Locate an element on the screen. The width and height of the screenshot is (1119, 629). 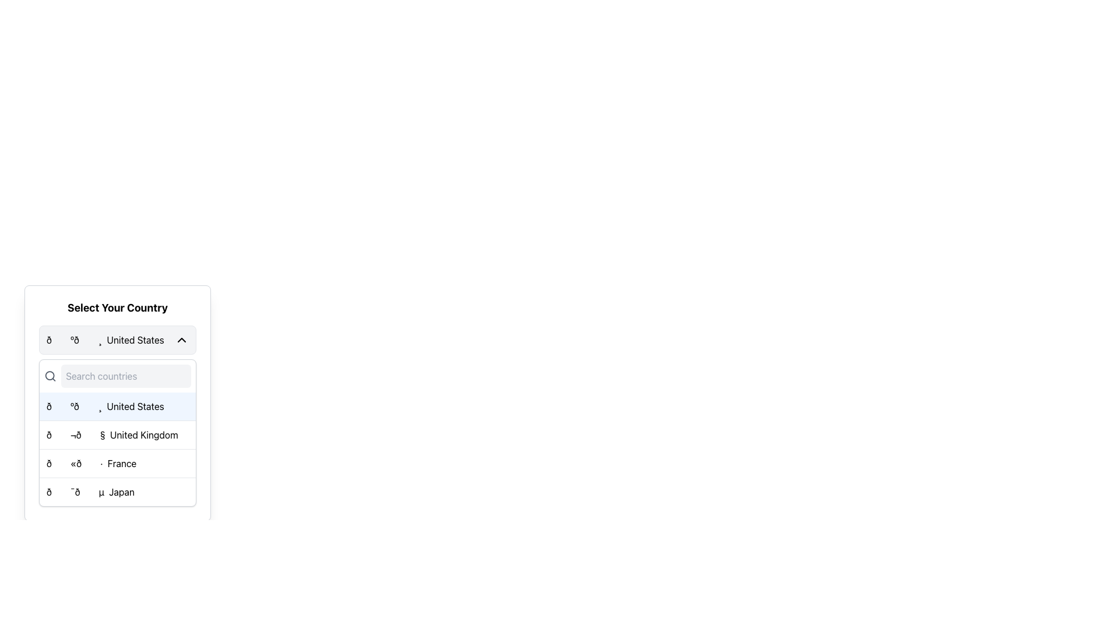
the fourth option in the dropdown menu titled 'Select Your Country' is located at coordinates (75, 492).